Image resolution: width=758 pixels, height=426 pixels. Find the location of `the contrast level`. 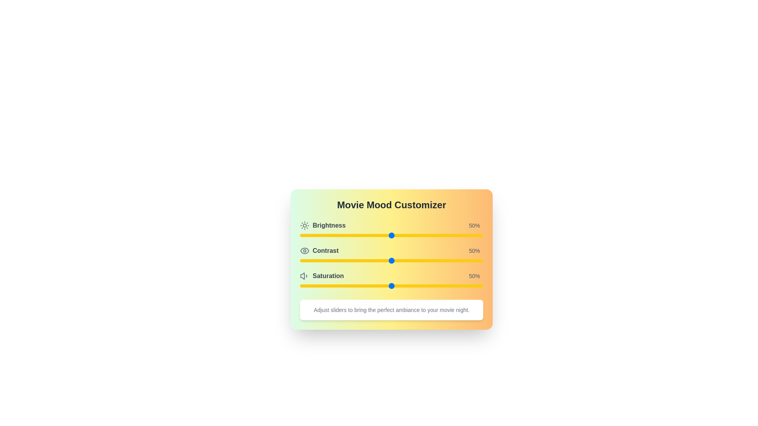

the contrast level is located at coordinates (338, 260).